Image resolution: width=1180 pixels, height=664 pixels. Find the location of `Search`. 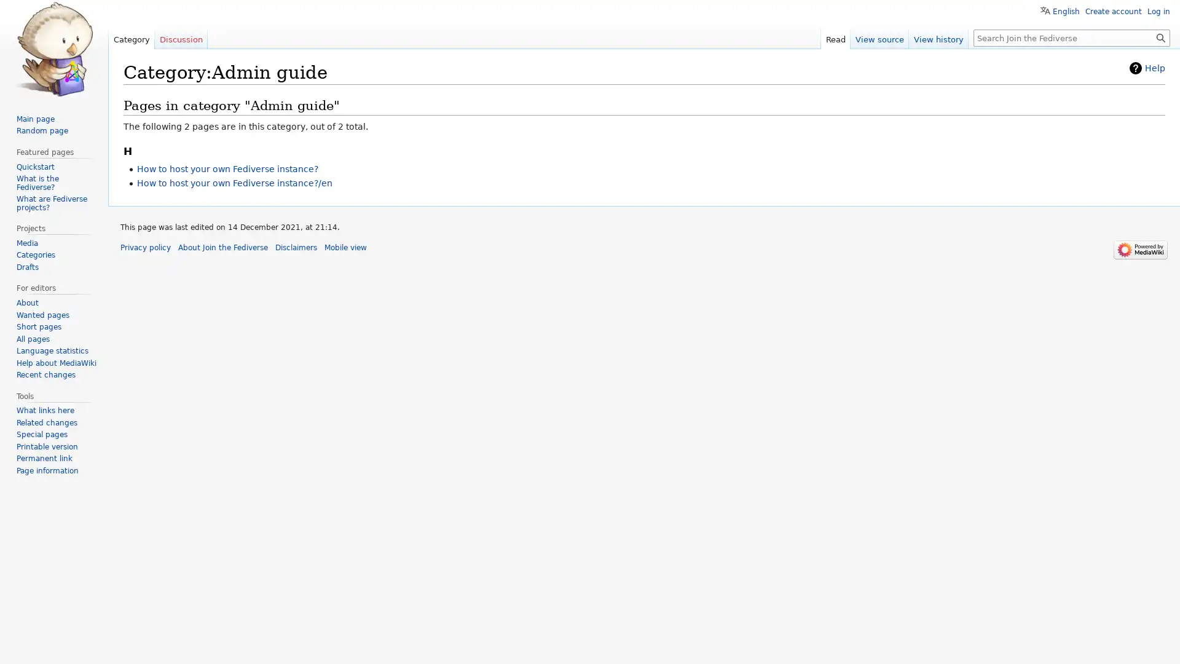

Search is located at coordinates (1160, 37).